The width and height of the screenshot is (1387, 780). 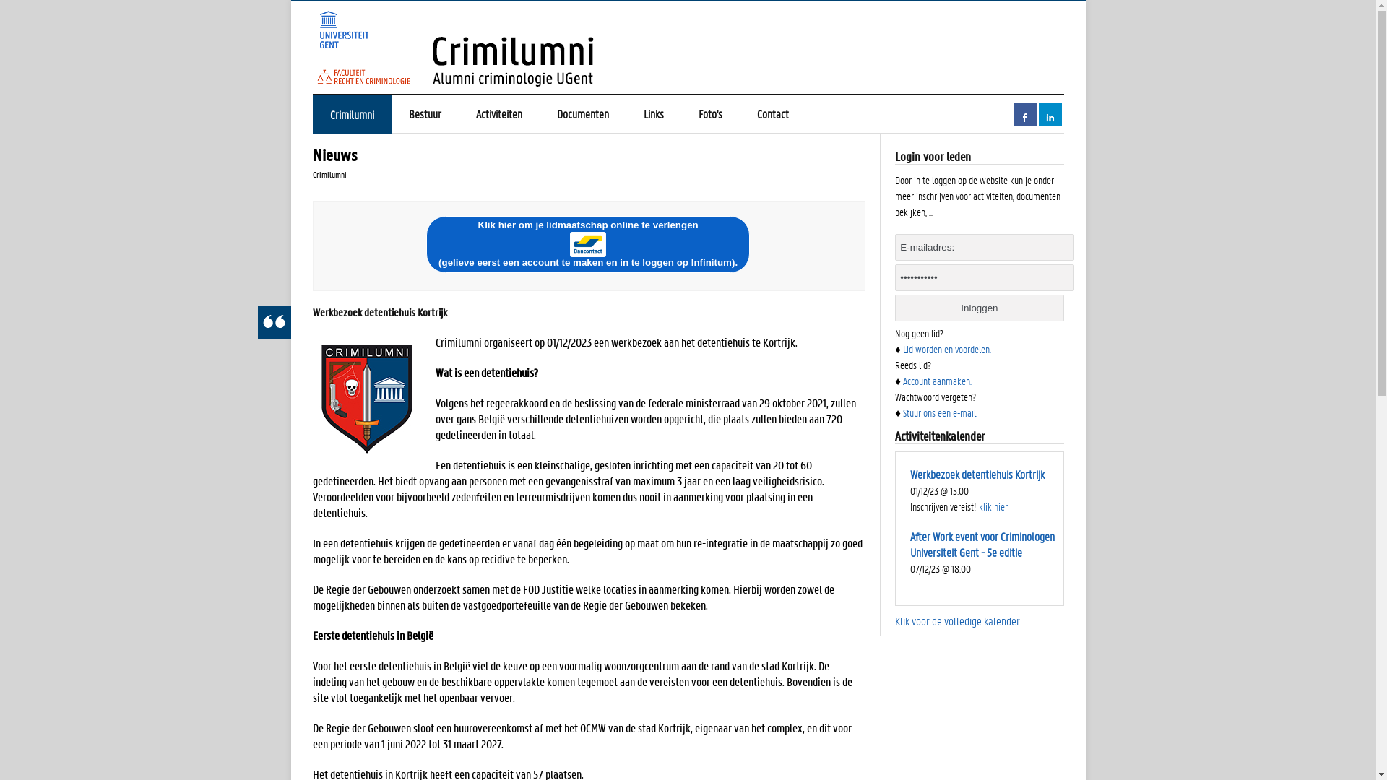 What do you see at coordinates (582, 113) in the screenshot?
I see `'Documenten'` at bounding box center [582, 113].